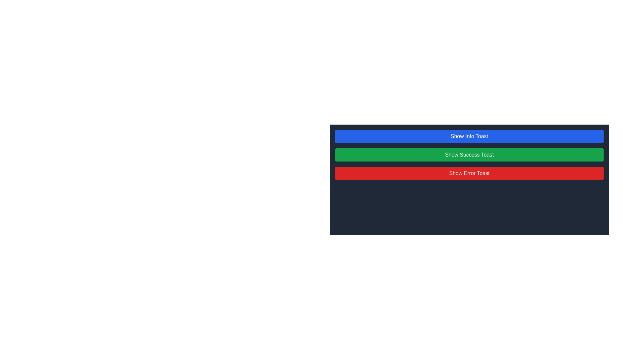 The width and height of the screenshot is (634, 356). I want to click on the third button in a vertical sequence that triggers an error toast notification when clicked, so click(469, 173).